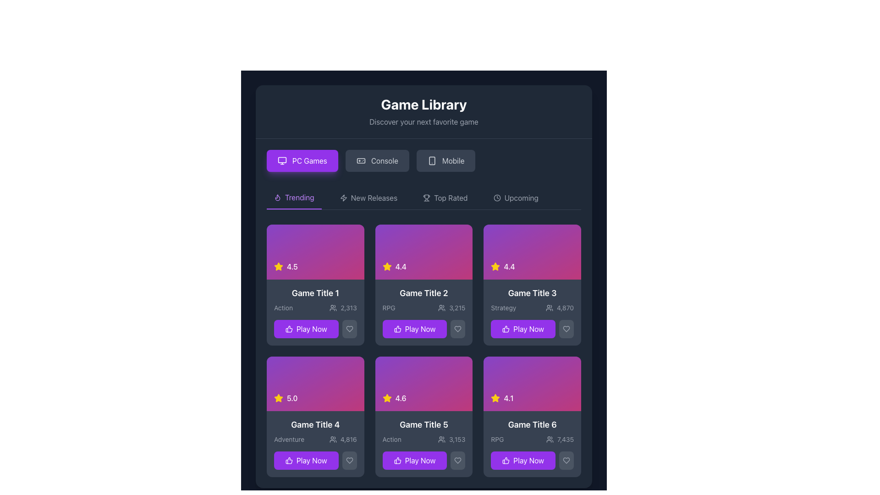  I want to click on the 'Mobile' text label displayed in gray within the horizontal navigation bar, so click(453, 160).